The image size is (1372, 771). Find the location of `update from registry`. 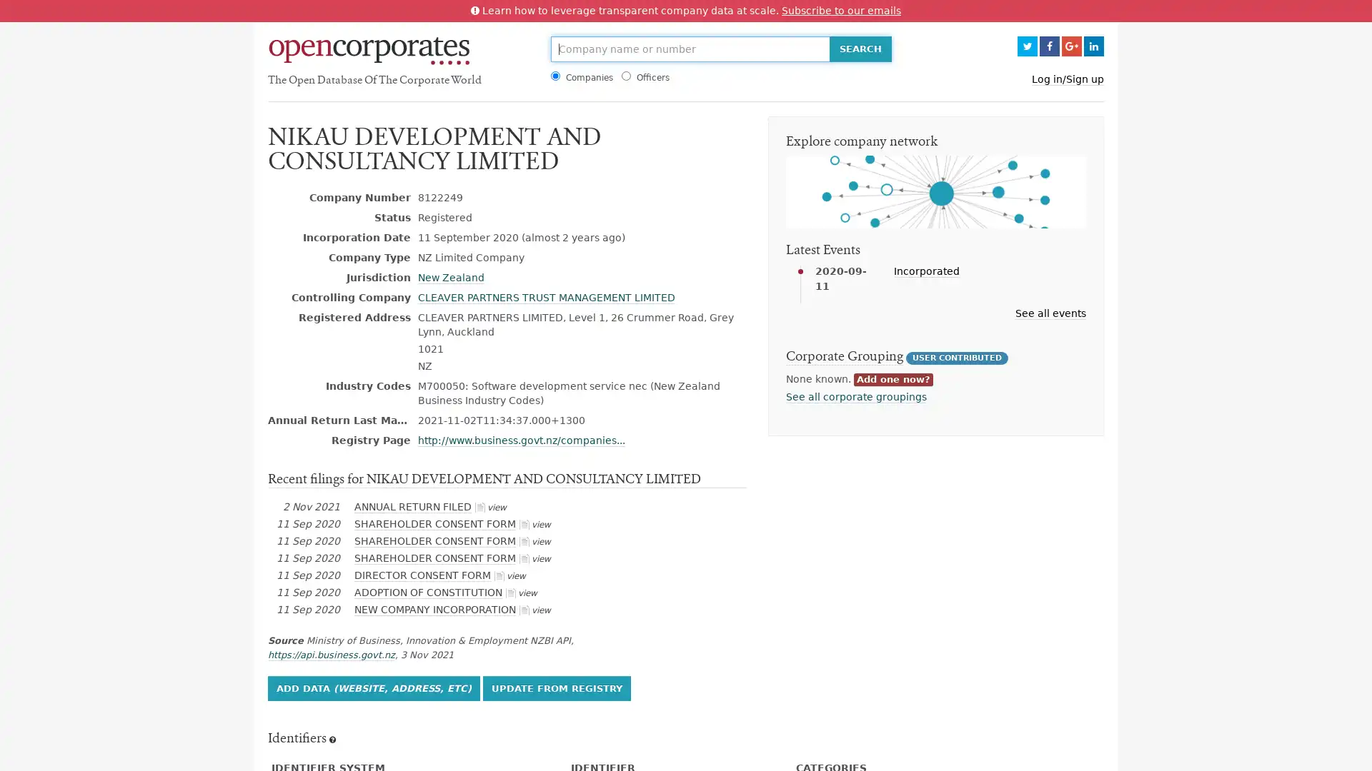

update from registry is located at coordinates (555, 687).